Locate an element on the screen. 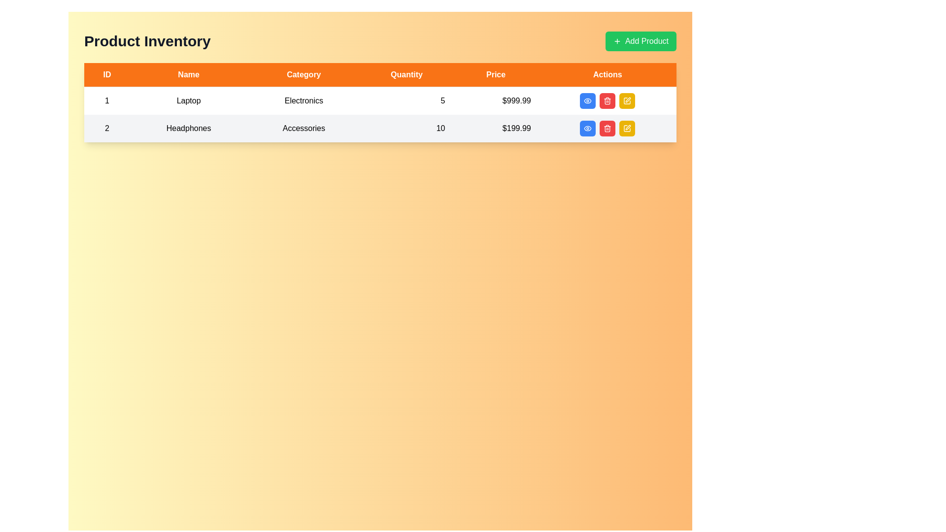  the 'Add Product' button, which is a rectangular button with a green background and white text, located in the top-right corner of the layout is located at coordinates (641, 41).